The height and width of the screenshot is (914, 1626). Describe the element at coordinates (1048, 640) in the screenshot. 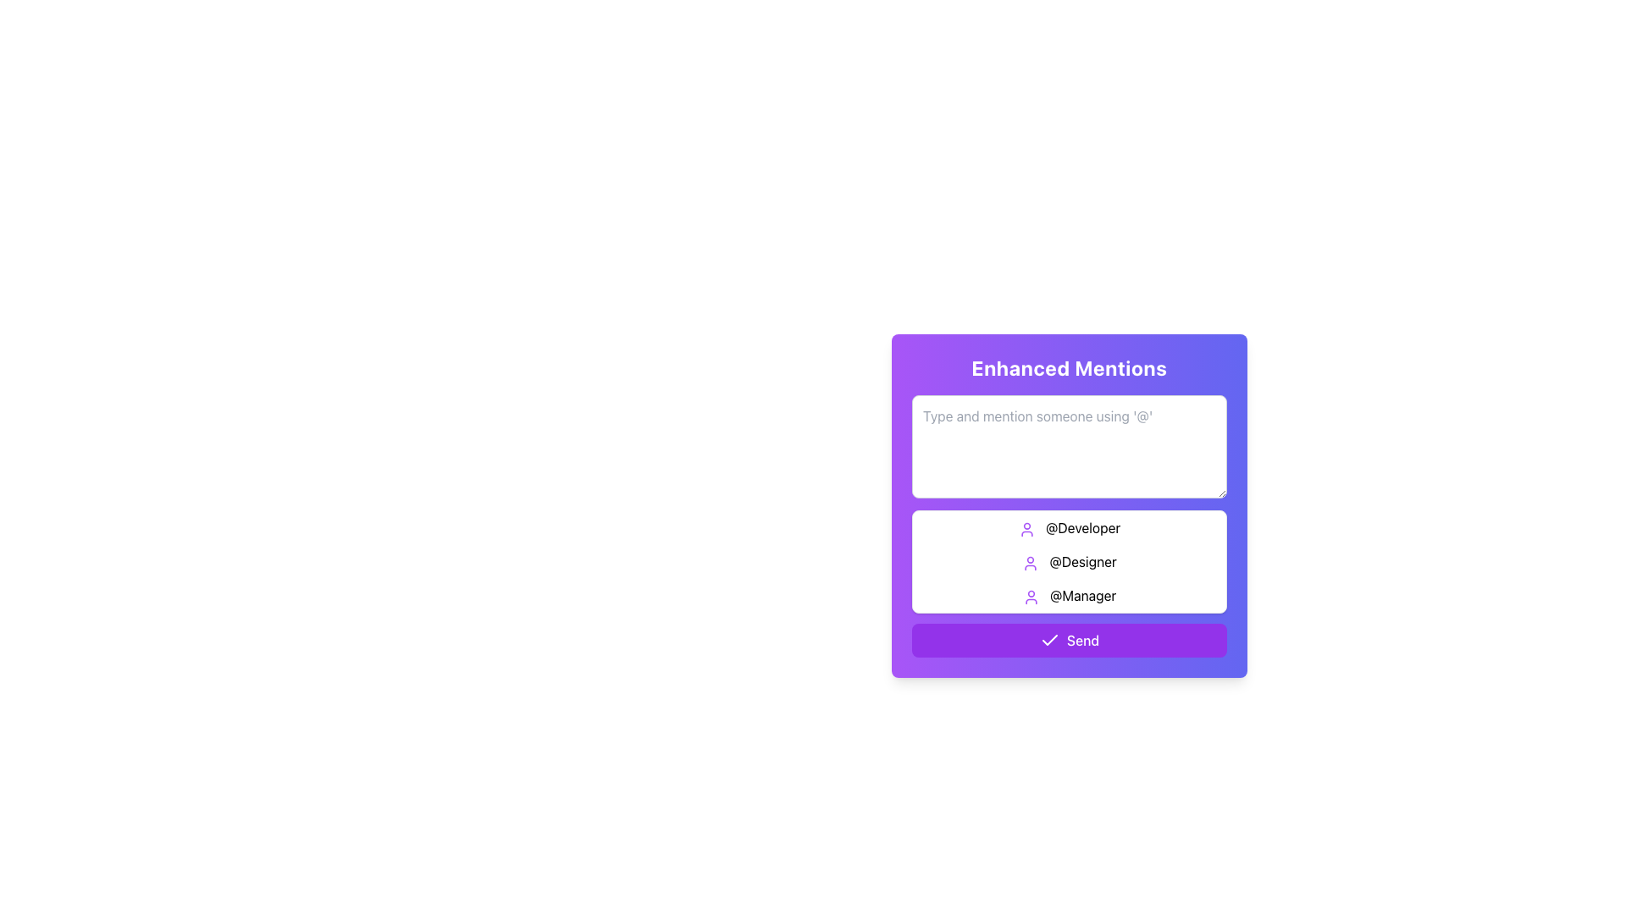

I see `the checkmark icon located within the 'Send' button, which is styled with a thin stroke and rounded line caps, positioned to the left of the text 'Send'` at that location.